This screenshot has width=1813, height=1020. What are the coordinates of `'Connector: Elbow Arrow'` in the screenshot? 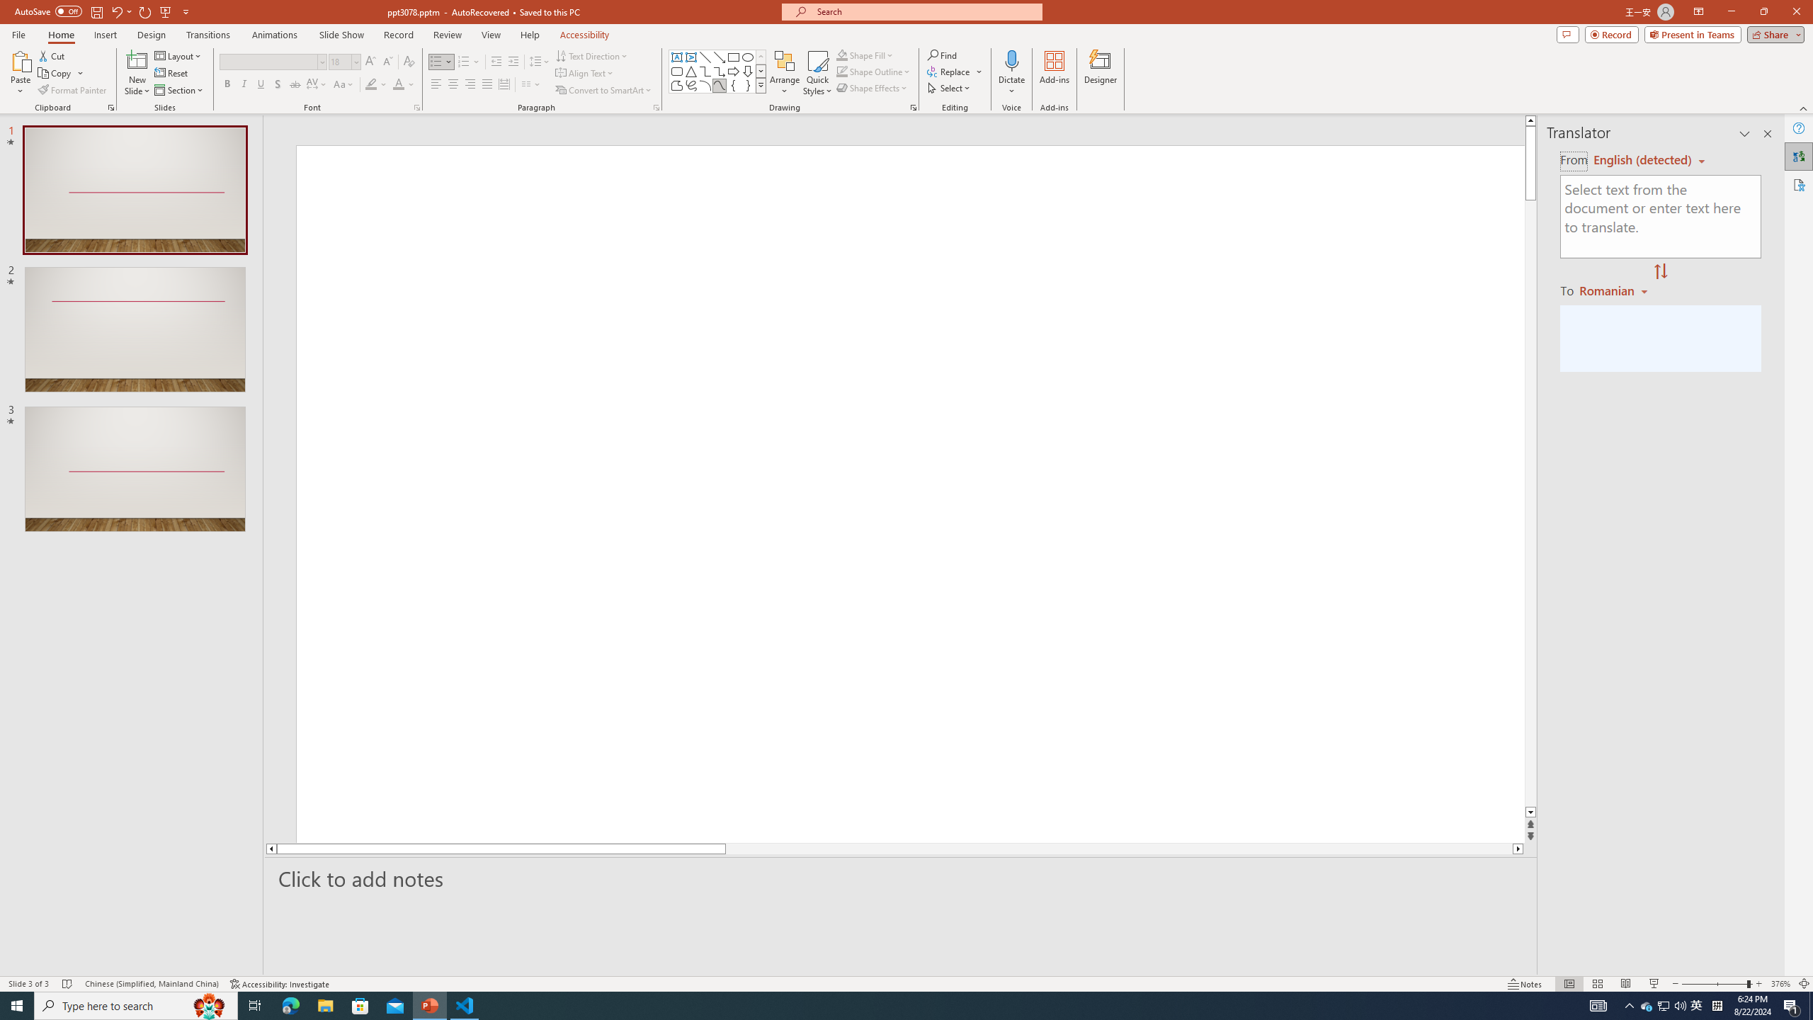 It's located at (719, 70).